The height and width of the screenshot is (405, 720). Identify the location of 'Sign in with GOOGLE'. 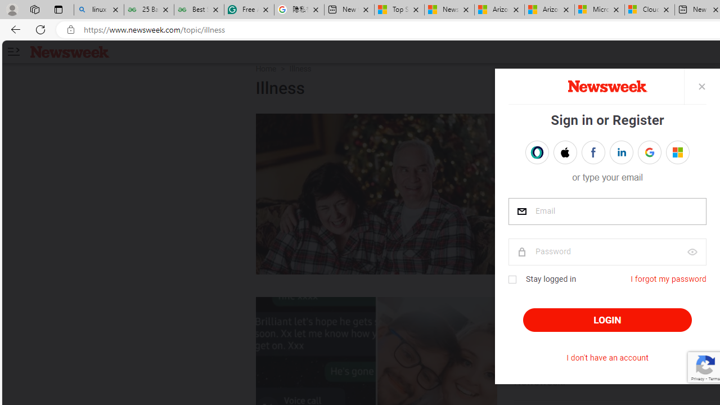
(649, 152).